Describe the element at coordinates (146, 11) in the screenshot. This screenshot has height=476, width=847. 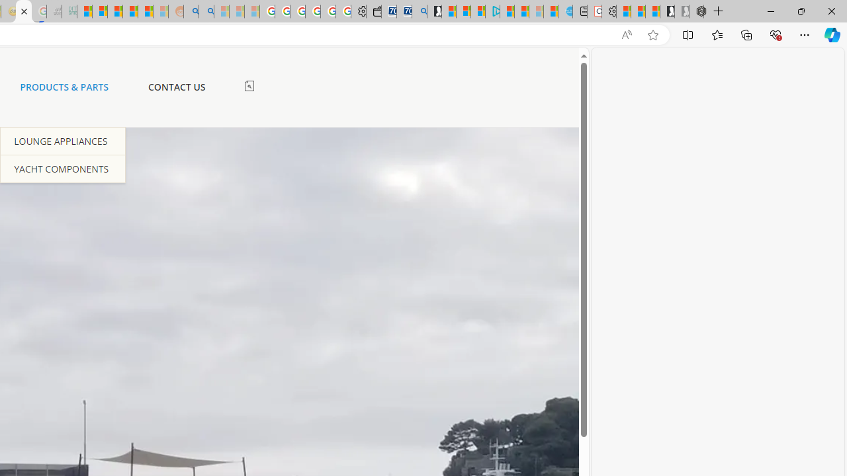
I see `'Student Loan Update: Forgiveness Program Ends This Month'` at that location.